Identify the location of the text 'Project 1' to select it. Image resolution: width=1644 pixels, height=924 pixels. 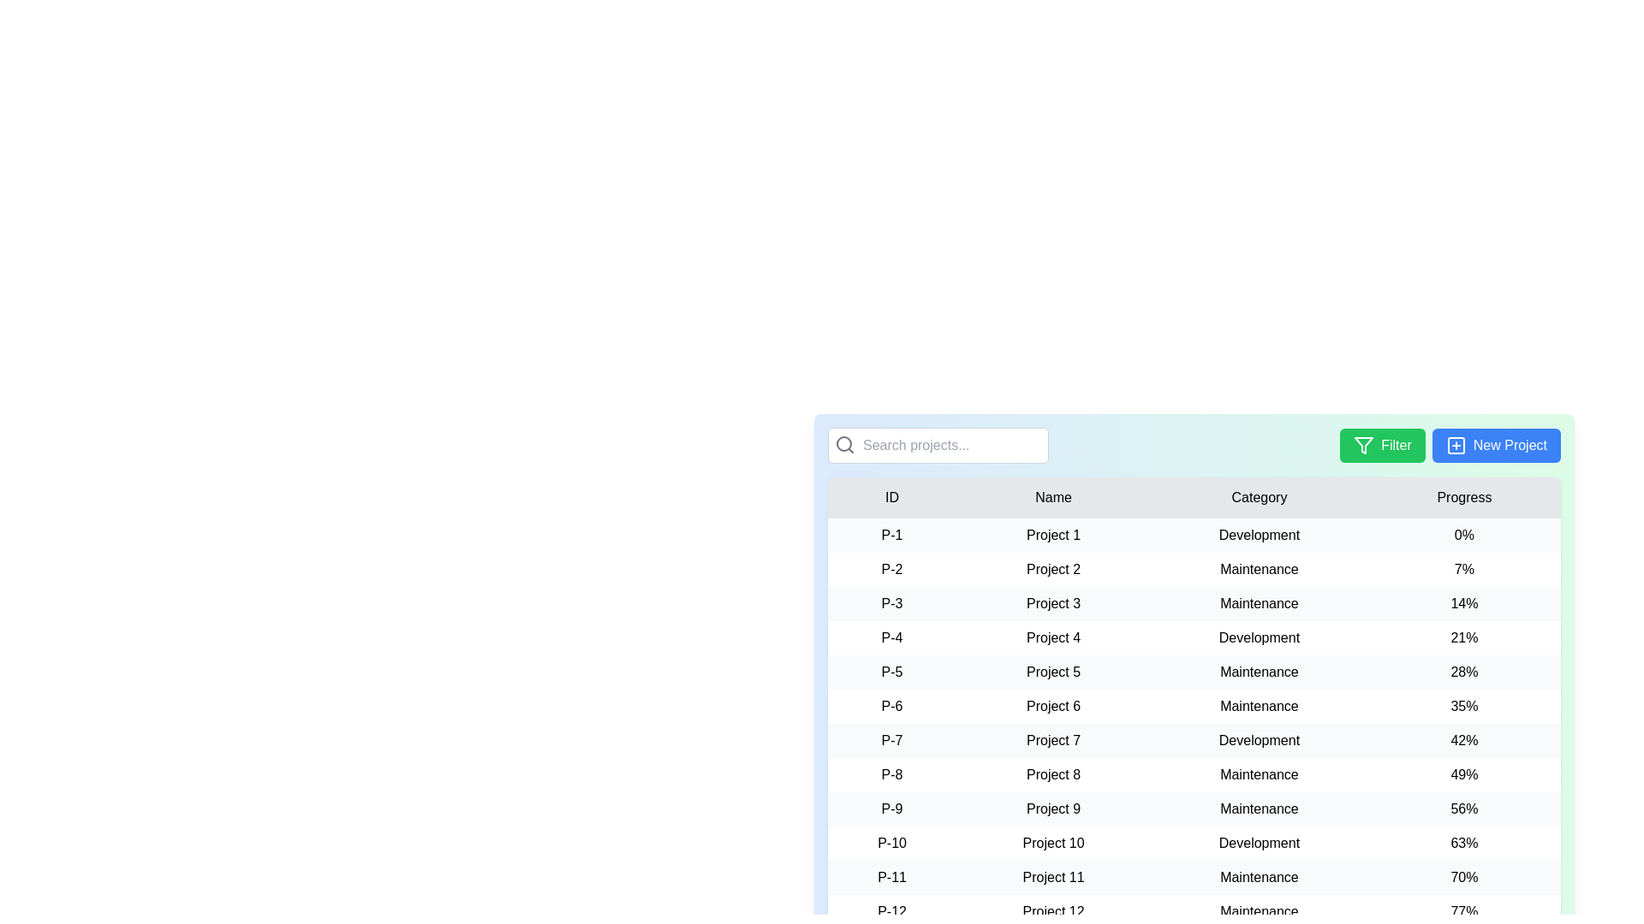
(1051, 534).